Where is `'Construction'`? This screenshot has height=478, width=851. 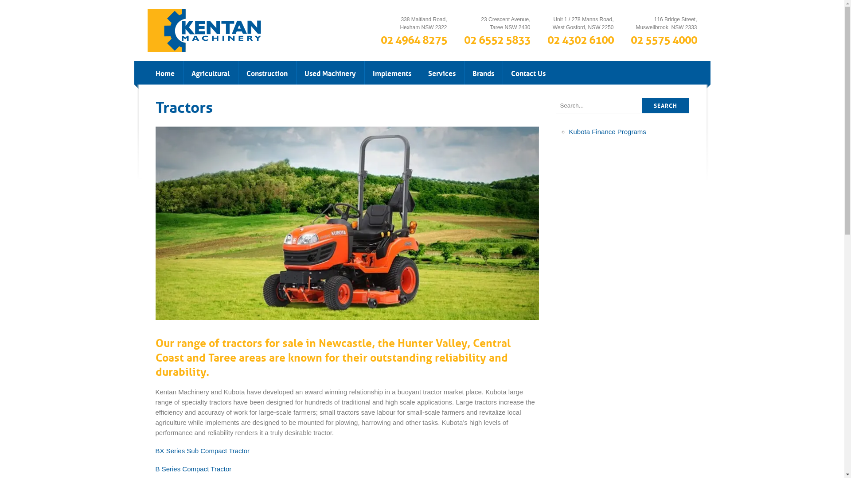
'Construction' is located at coordinates (266, 72).